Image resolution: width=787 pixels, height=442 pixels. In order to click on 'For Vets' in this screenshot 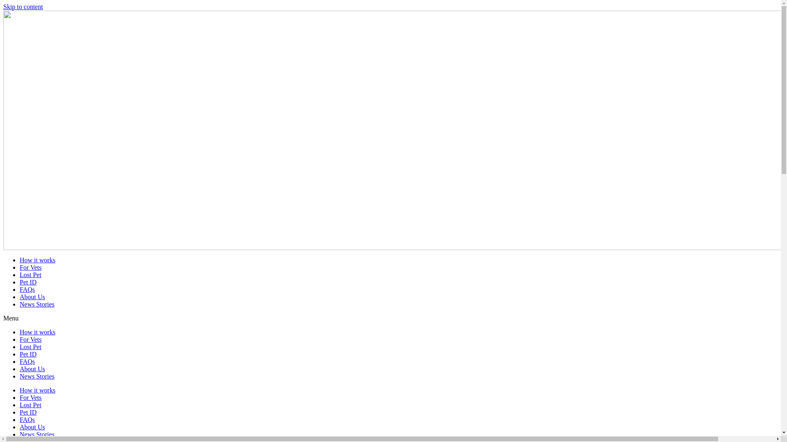, I will do `click(20, 267)`.